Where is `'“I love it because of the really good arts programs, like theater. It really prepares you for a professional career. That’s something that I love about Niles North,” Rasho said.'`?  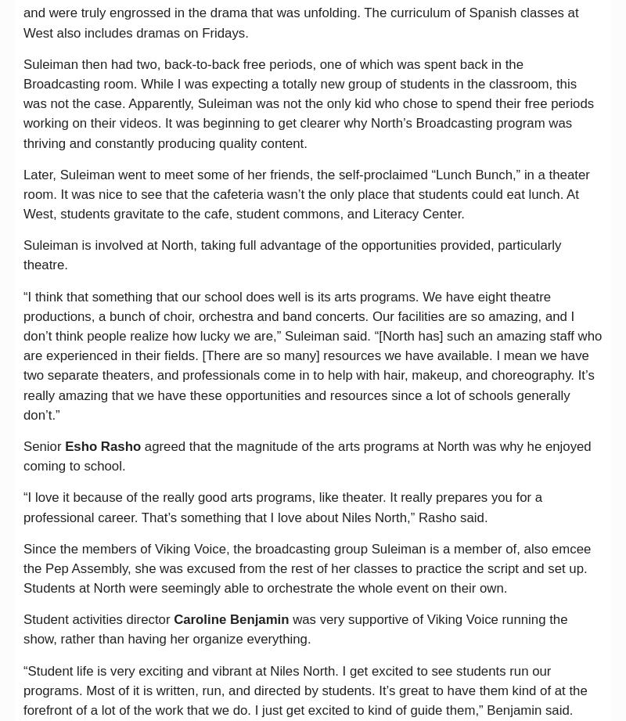 '“I love it because of the really good arts programs, like theater. It really prepares you for a professional career. That’s something that I love about Niles North,” Rasho said.' is located at coordinates (282, 507).